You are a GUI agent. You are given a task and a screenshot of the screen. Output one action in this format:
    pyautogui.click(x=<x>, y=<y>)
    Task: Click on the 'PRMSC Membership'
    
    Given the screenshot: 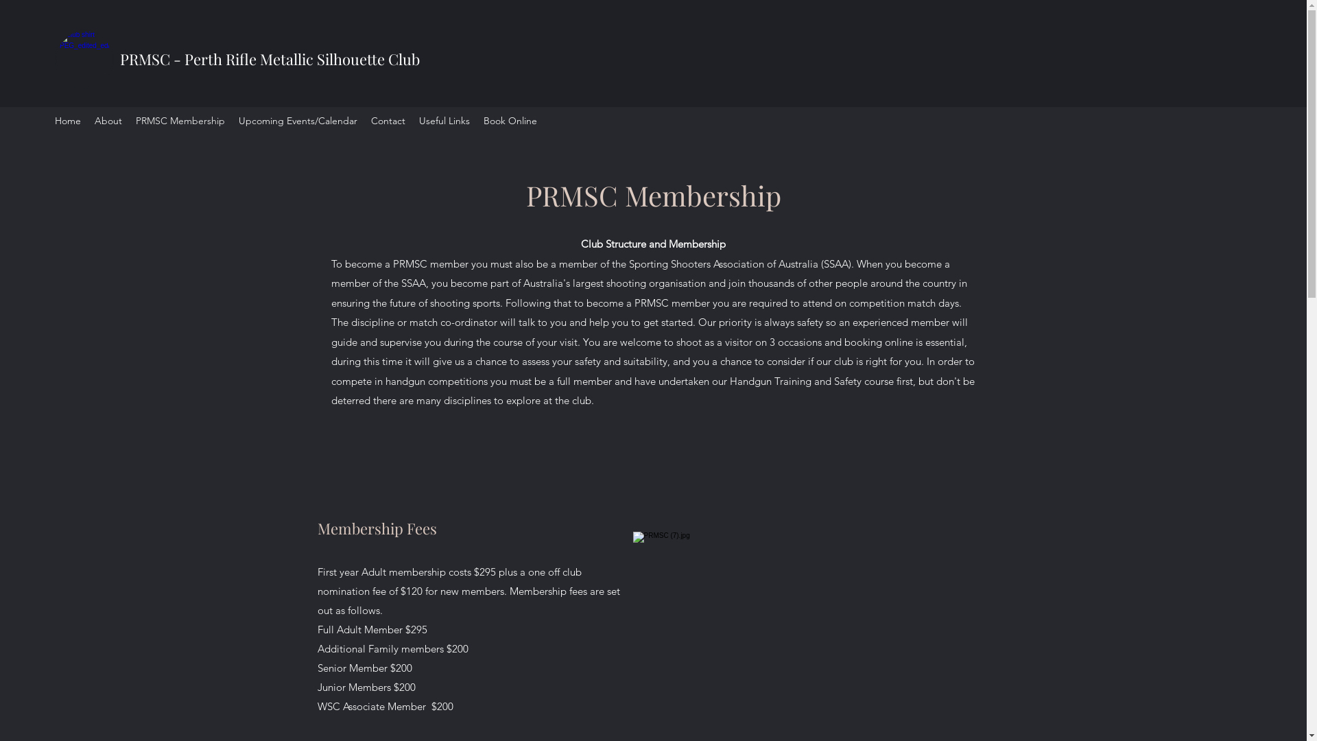 What is the action you would take?
    pyautogui.click(x=180, y=120)
    